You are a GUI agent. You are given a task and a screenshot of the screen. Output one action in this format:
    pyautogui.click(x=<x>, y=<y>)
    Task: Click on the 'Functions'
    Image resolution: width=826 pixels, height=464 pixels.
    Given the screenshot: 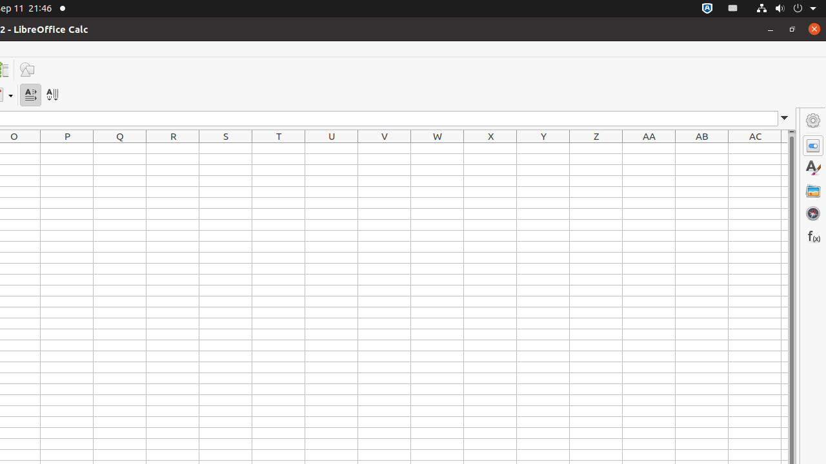 What is the action you would take?
    pyautogui.click(x=812, y=235)
    